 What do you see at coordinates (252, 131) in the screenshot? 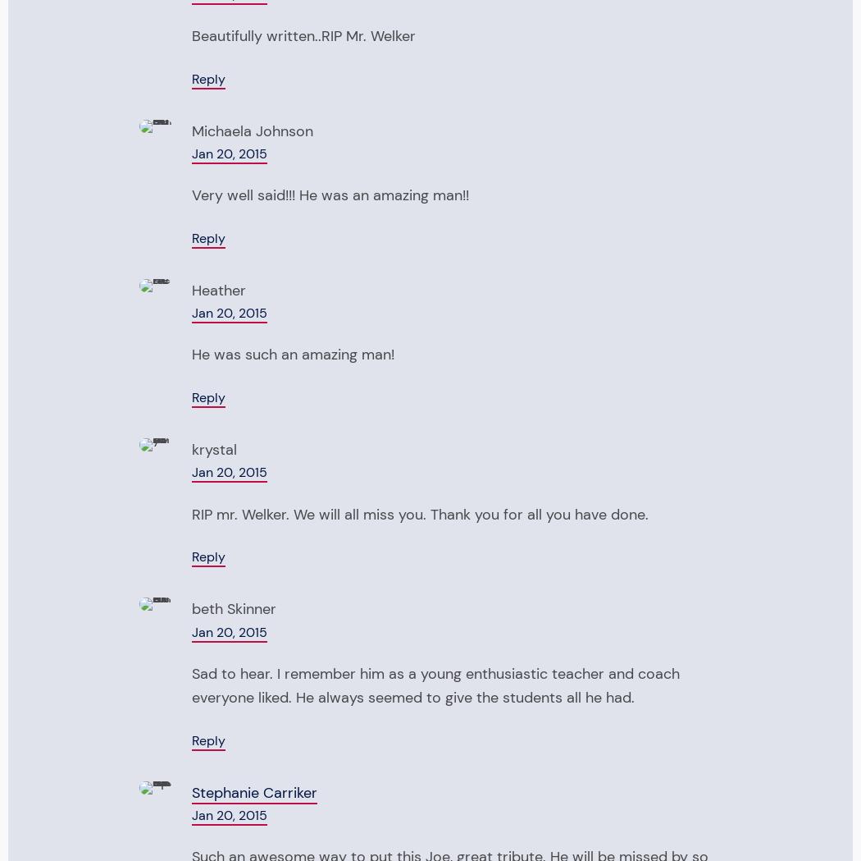
I see `'Michaela Johnson'` at bounding box center [252, 131].